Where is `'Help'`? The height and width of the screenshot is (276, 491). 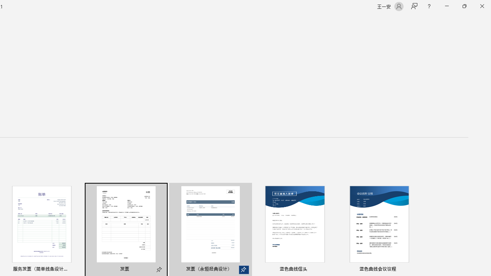 'Help' is located at coordinates (428, 6).